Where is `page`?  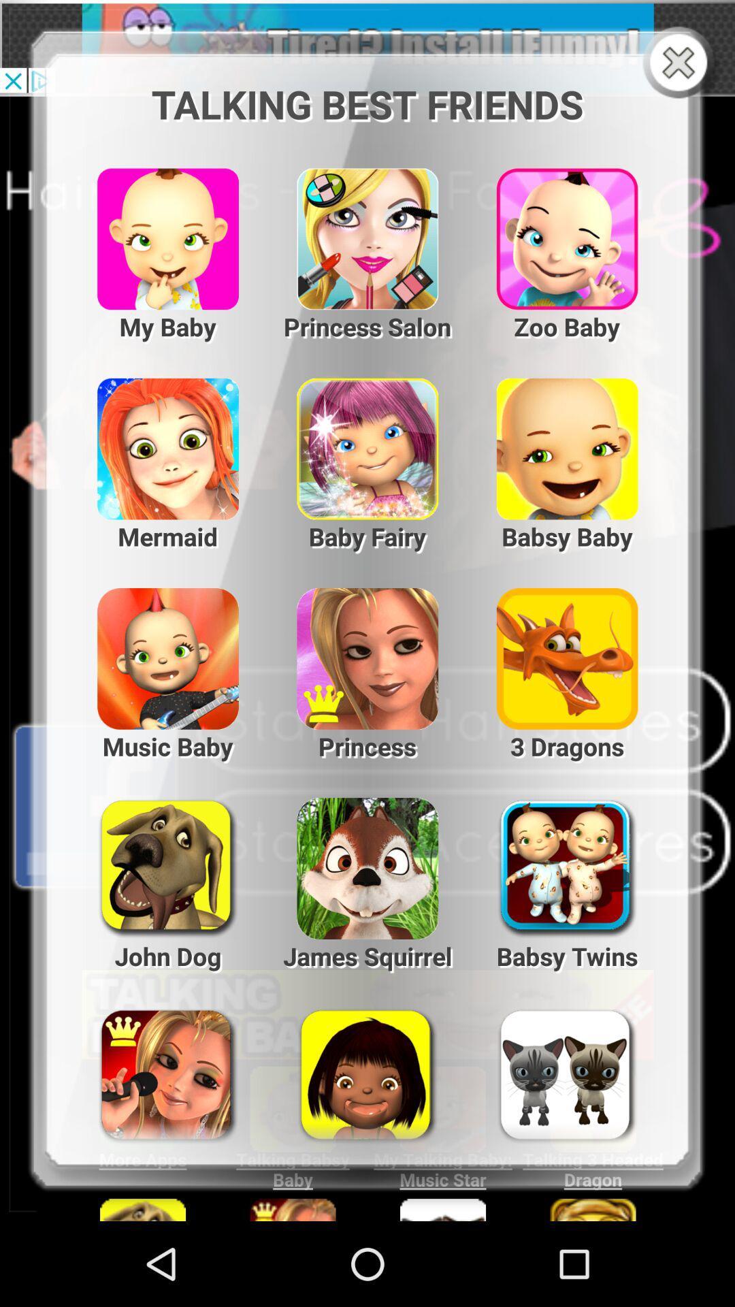
page is located at coordinates (681, 63).